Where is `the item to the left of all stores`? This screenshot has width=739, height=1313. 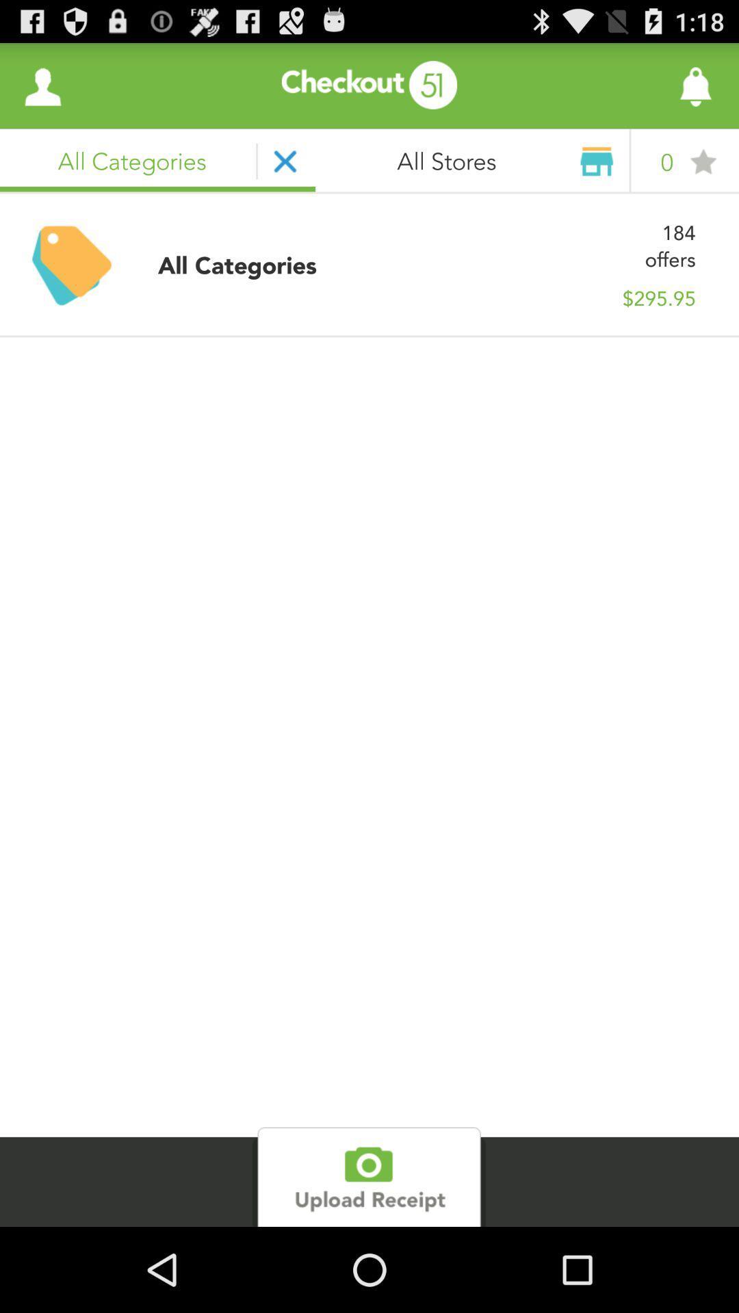 the item to the left of all stores is located at coordinates (42, 85).